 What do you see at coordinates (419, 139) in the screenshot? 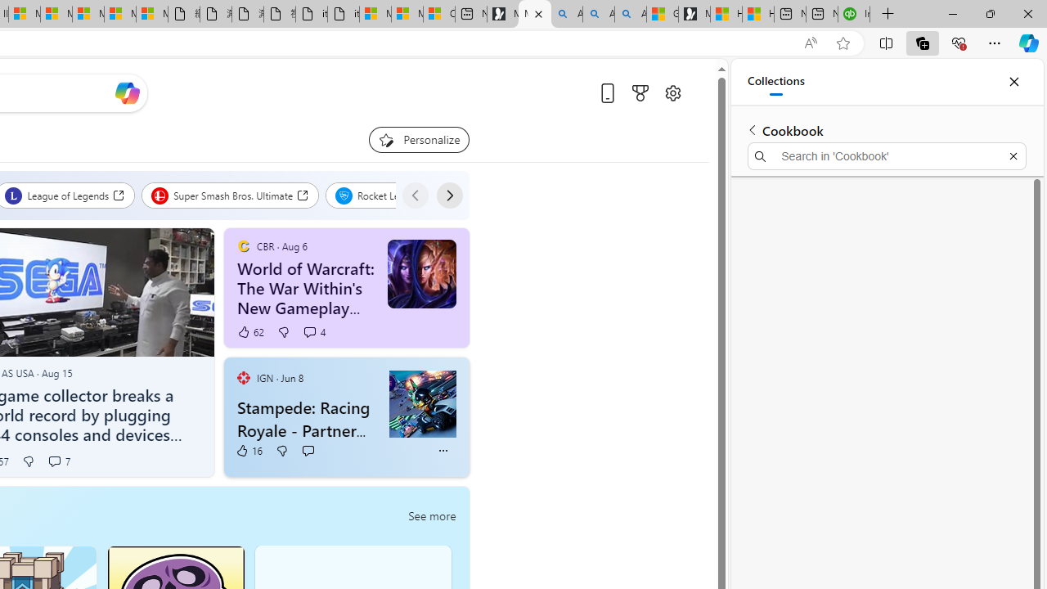
I see `'Personalize your feed"'` at bounding box center [419, 139].